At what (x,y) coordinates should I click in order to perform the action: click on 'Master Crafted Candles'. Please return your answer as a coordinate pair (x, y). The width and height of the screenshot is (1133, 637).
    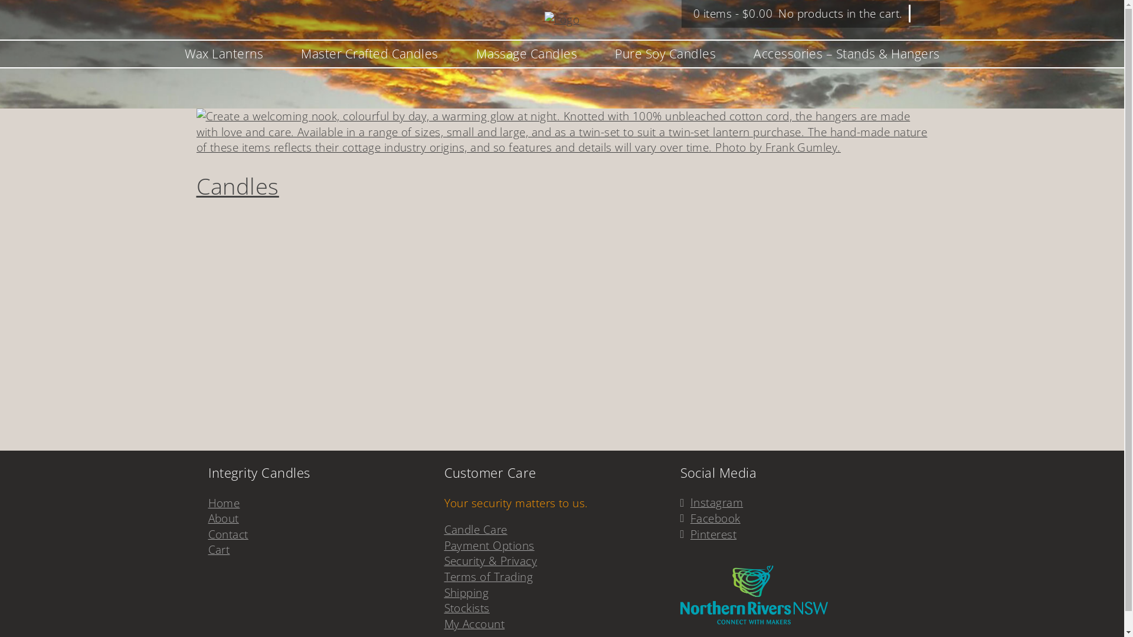
    Looking at the image, I should click on (368, 54).